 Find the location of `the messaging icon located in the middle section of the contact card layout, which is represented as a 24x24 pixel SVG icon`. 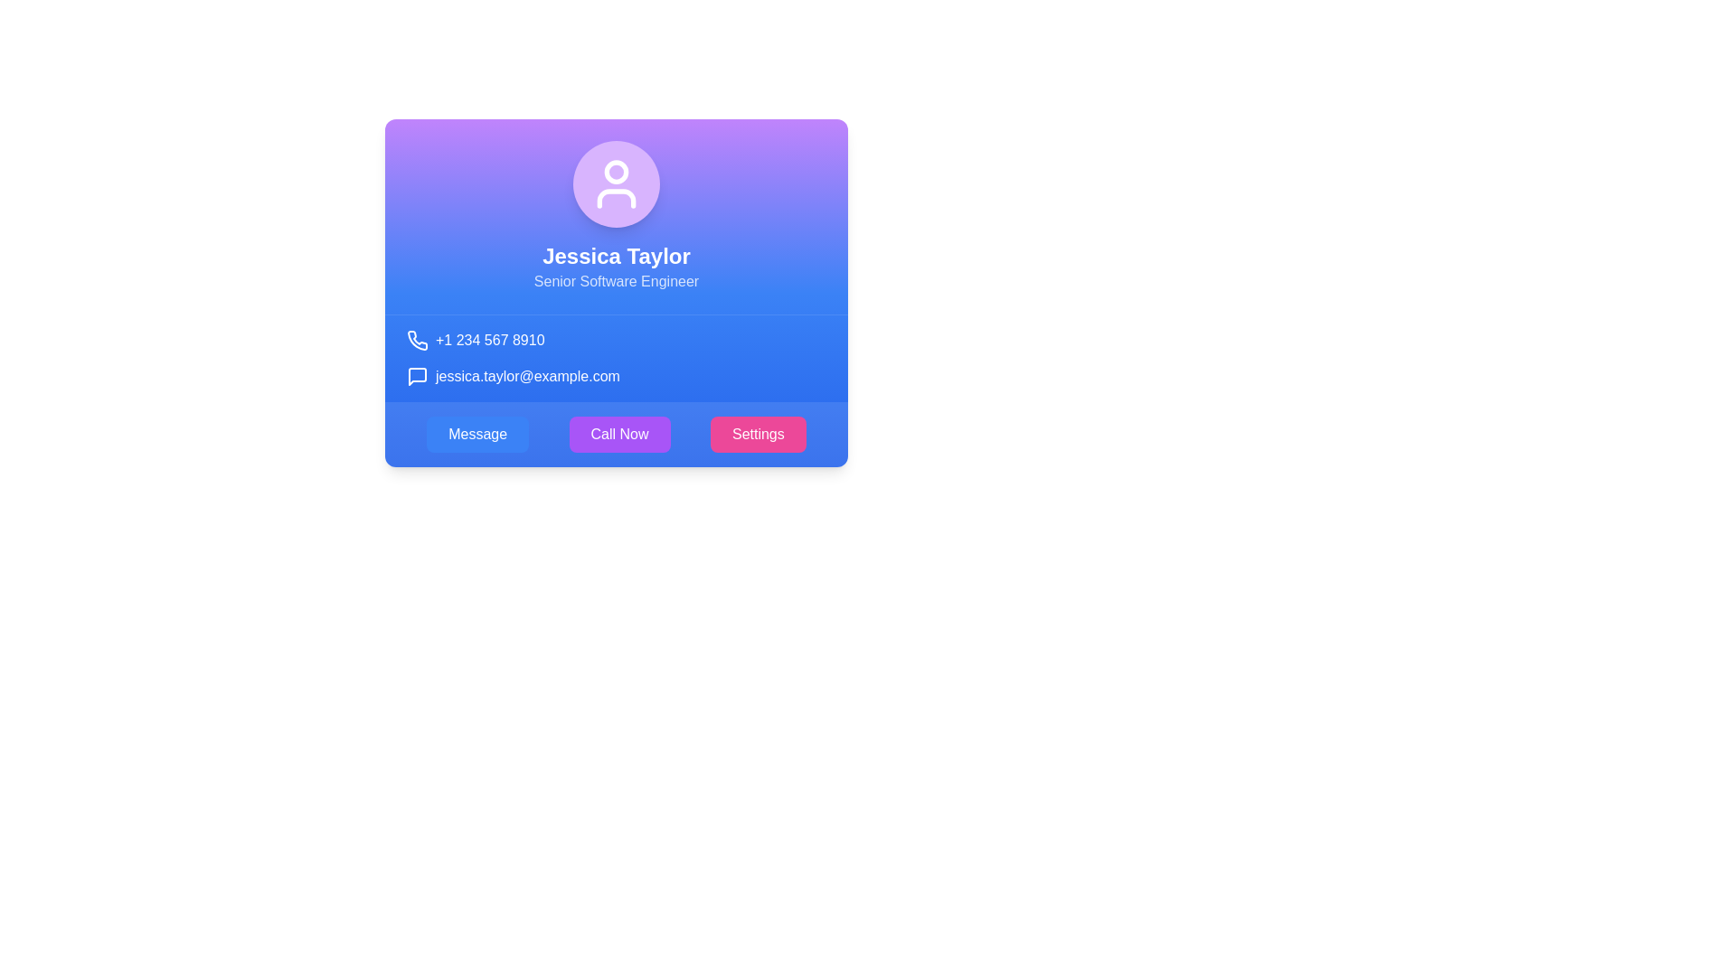

the messaging icon located in the middle section of the contact card layout, which is represented as a 24x24 pixel SVG icon is located at coordinates (416, 375).